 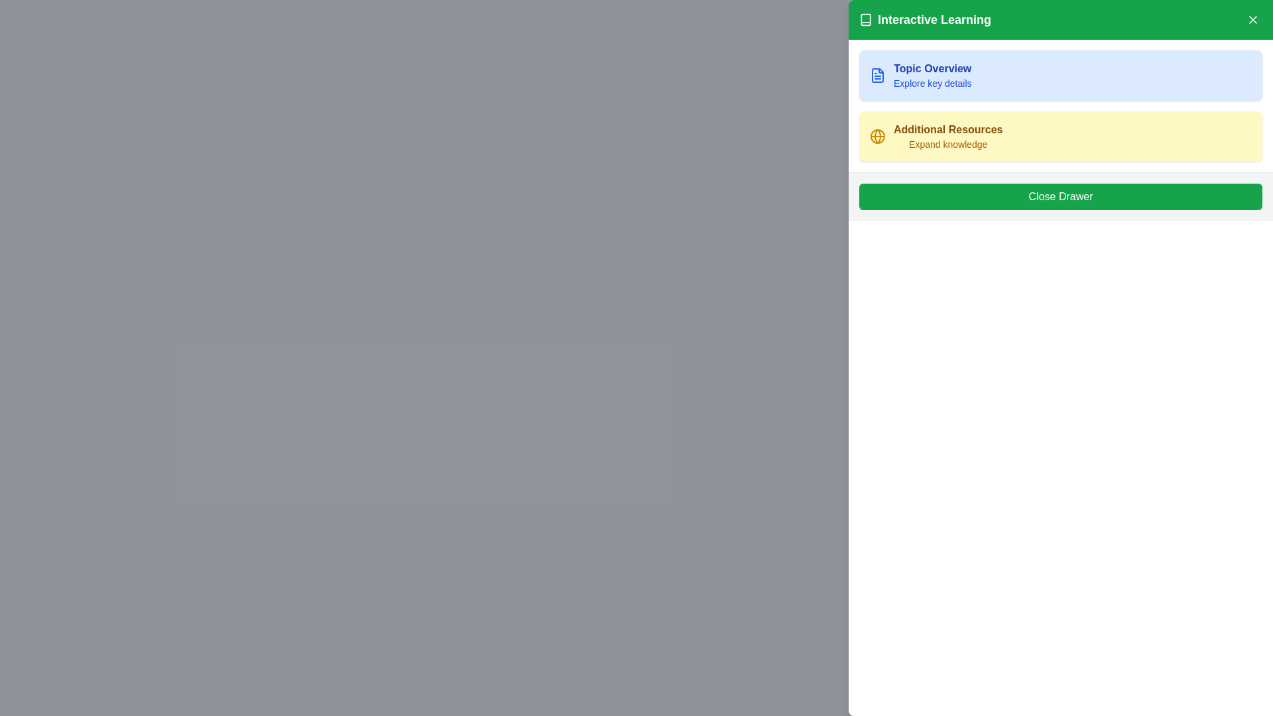 I want to click on 'Additional Resources' label text displayed in bold and semibold font style with a yellowish-brown color, located in the second card-like section below the 'Topic Overview' heading, so click(x=947, y=130).